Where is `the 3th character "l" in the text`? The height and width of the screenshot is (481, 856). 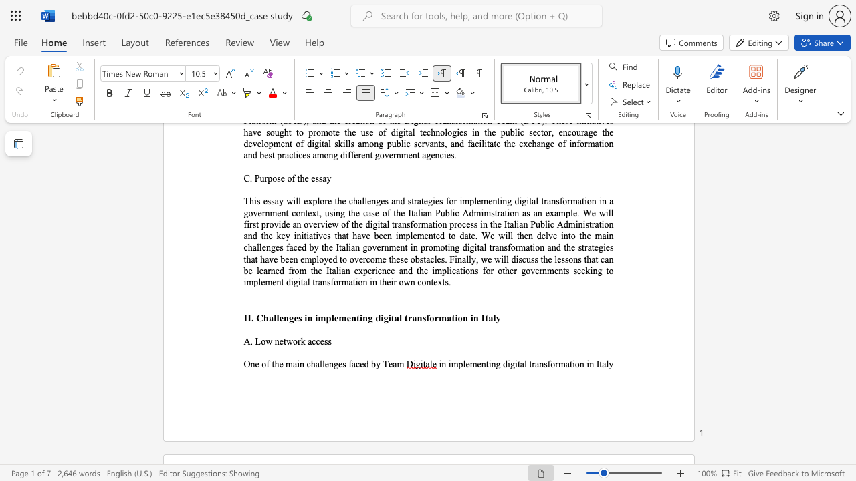
the 3th character "l" in the text is located at coordinates (607, 364).